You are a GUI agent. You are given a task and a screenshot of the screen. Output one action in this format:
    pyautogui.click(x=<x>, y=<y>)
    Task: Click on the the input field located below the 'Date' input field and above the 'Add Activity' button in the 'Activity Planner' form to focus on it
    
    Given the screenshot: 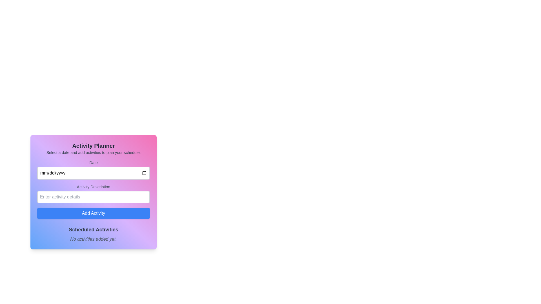 What is the action you would take?
    pyautogui.click(x=93, y=193)
    